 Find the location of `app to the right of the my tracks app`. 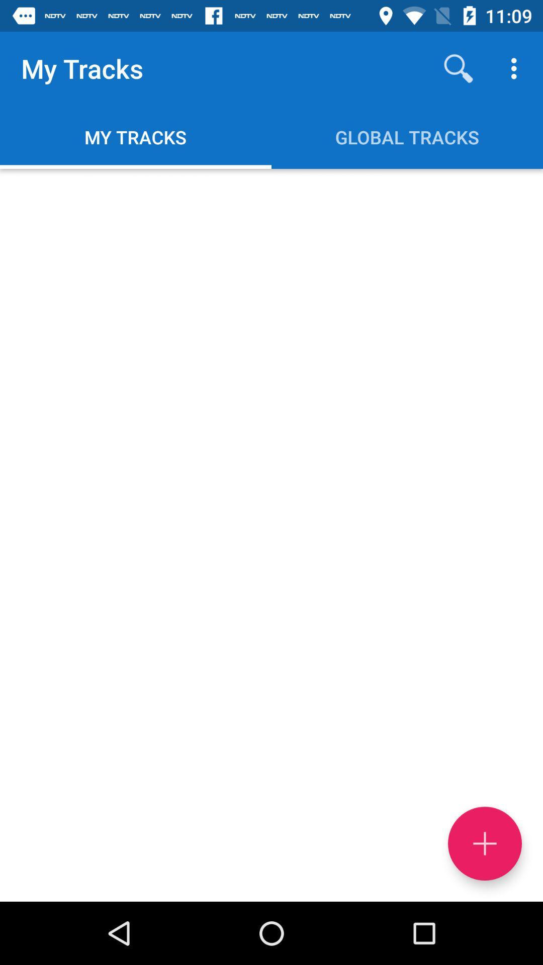

app to the right of the my tracks app is located at coordinates (458, 68).